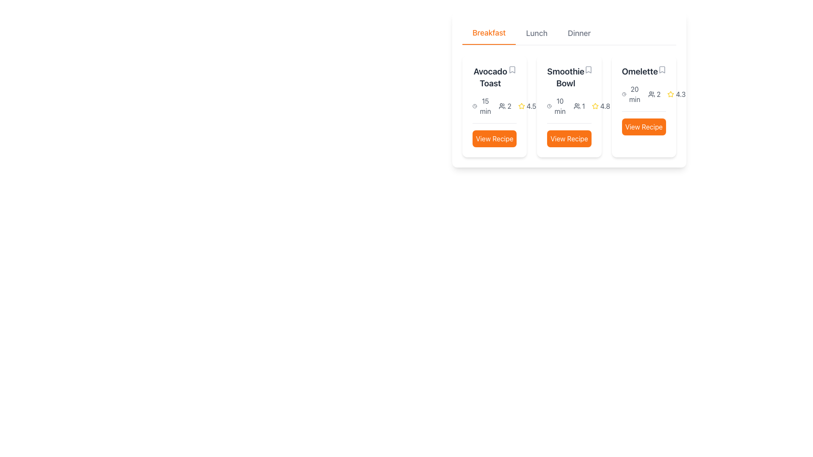  I want to click on the cooking time icon for the second recipe under the 'Smoothie Bowl' section, which indicates '10 min', so click(549, 105).